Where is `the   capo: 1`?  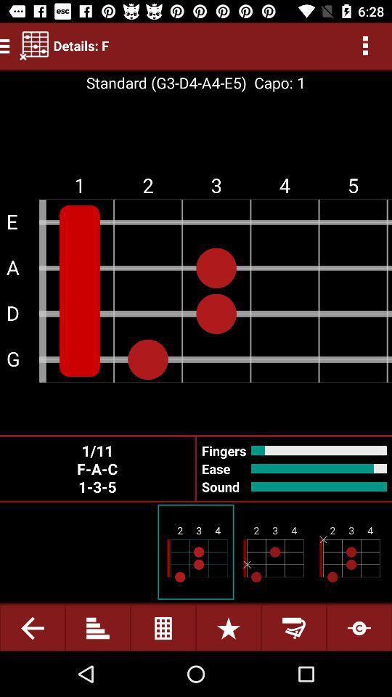
the   capo: 1 is located at coordinates (276, 83).